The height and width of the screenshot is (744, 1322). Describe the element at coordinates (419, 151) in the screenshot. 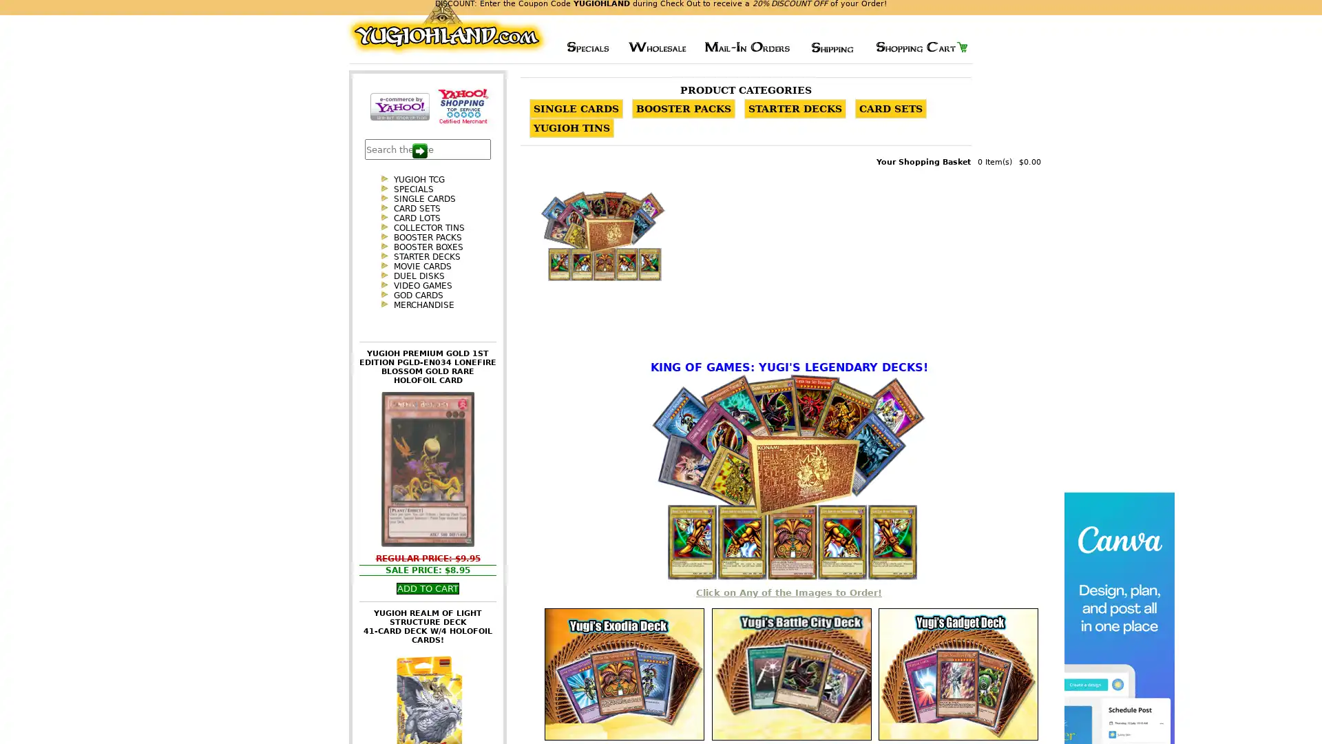

I see `Search` at that location.